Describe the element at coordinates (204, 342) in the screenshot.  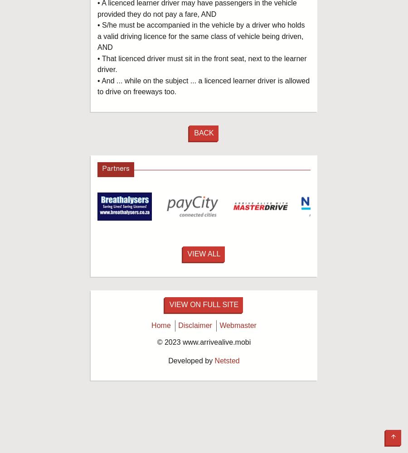
I see `'© 2023 www.arrivealive.mobi'` at that location.